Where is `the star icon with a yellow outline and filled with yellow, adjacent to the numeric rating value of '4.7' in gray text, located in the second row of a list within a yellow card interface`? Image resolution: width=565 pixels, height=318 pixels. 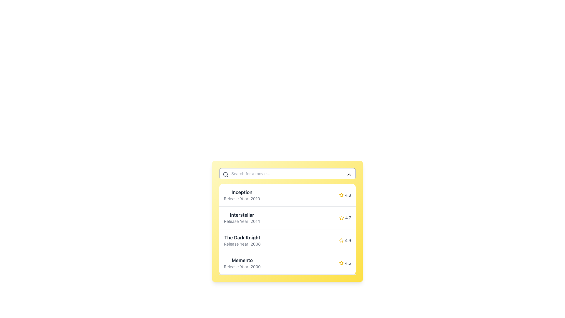
the star icon with a yellow outline and filled with yellow, adjacent to the numeric rating value of '4.7' in gray text, located in the second row of a list within a yellow card interface is located at coordinates (342, 218).